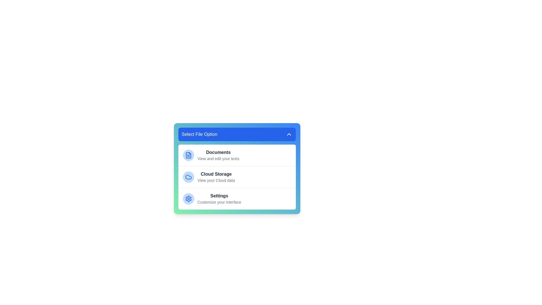 The width and height of the screenshot is (542, 305). What do you see at coordinates (188, 177) in the screenshot?
I see `the cloud-shaped icon with a blue outline and light blue fill, located in the second row of the 'Cloud Storage' menu` at bounding box center [188, 177].